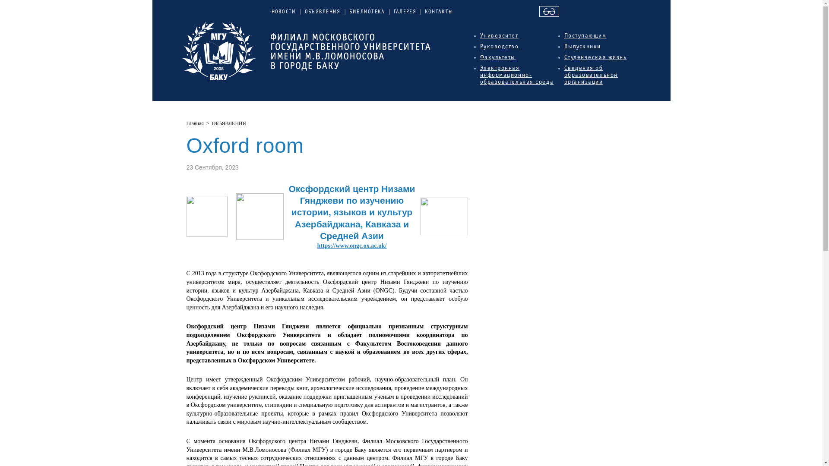  I want to click on 'https://www.ongc.ox.ac.uk/', so click(351, 246).